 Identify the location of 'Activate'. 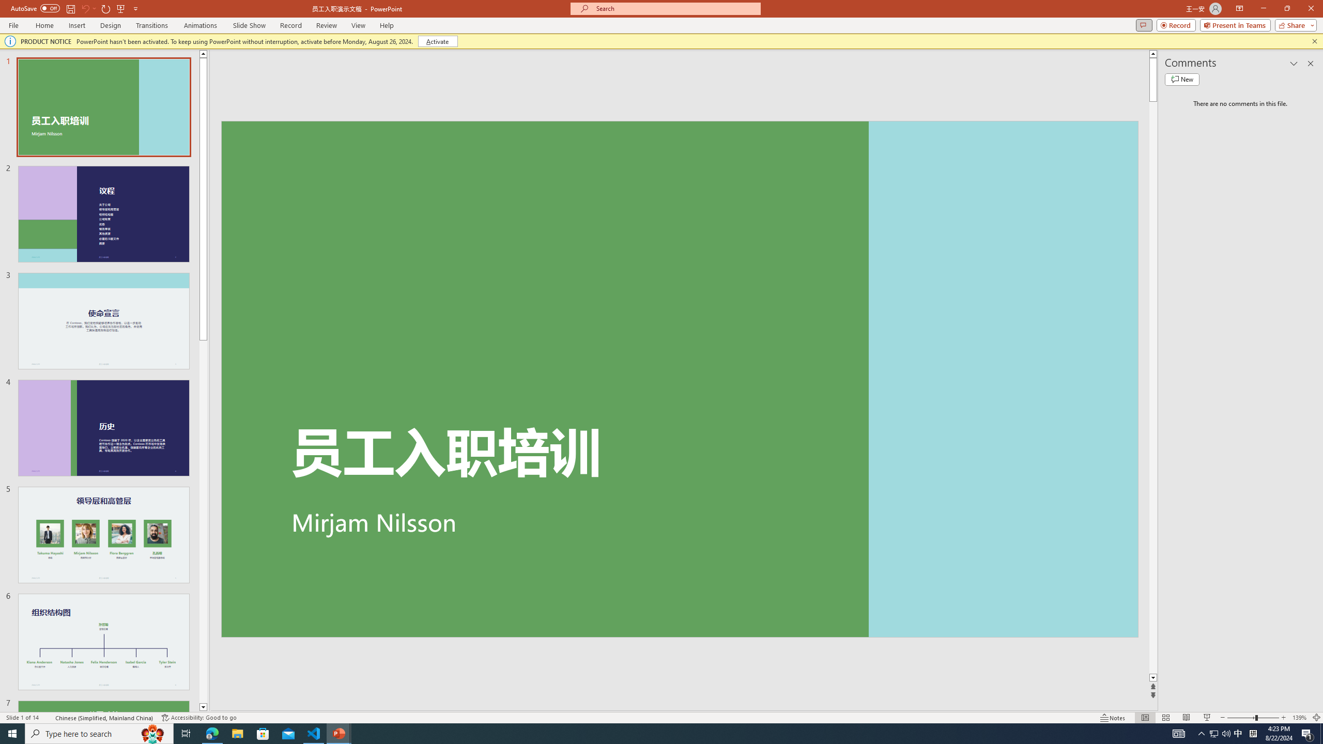
(438, 40).